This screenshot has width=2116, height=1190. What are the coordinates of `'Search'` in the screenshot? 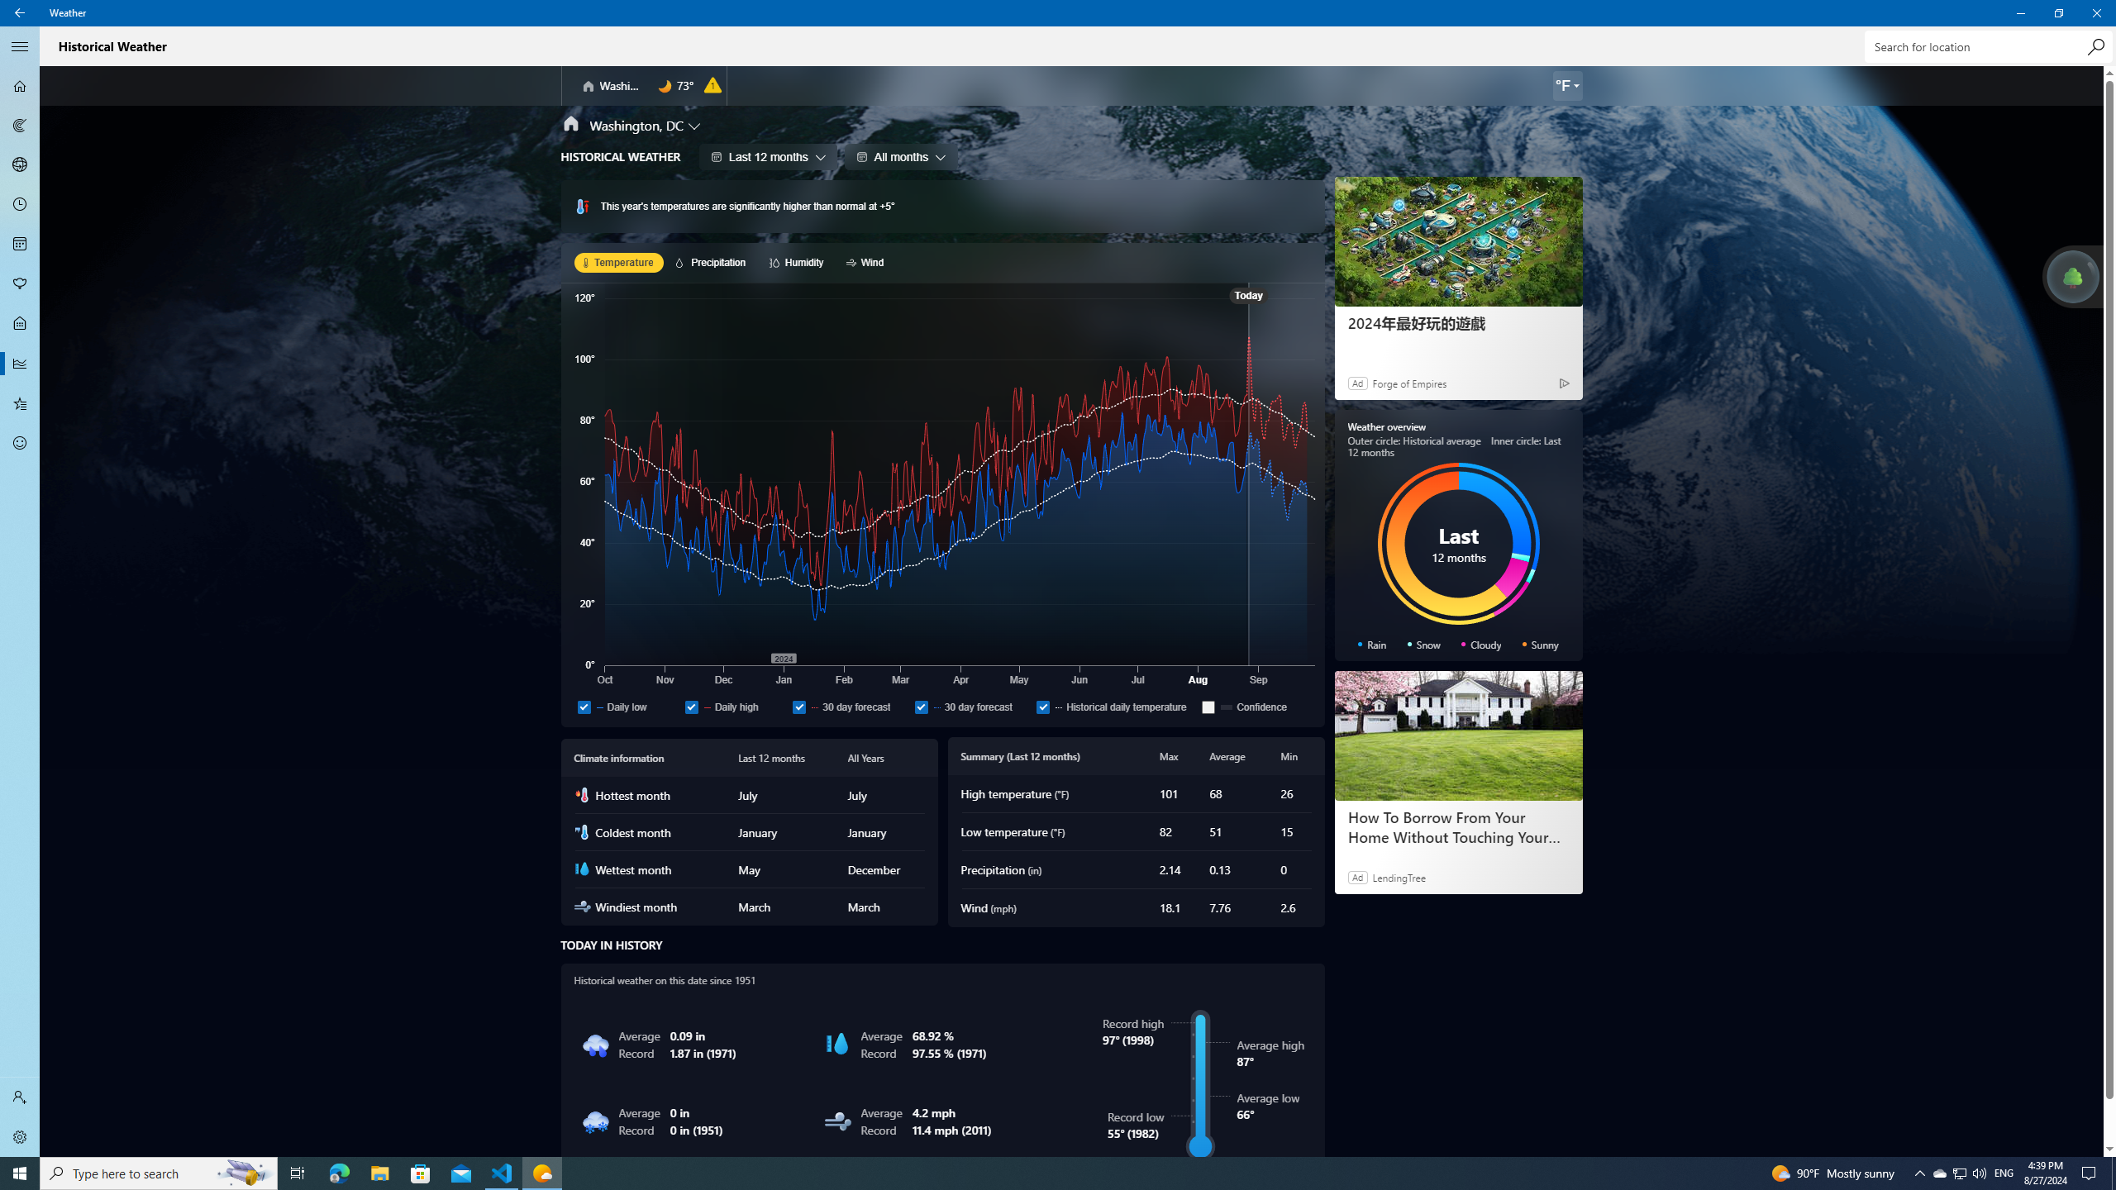 It's located at (2095, 45).